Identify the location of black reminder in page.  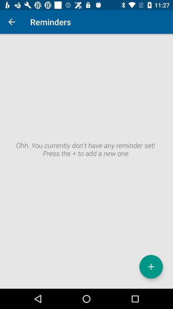
(86, 161).